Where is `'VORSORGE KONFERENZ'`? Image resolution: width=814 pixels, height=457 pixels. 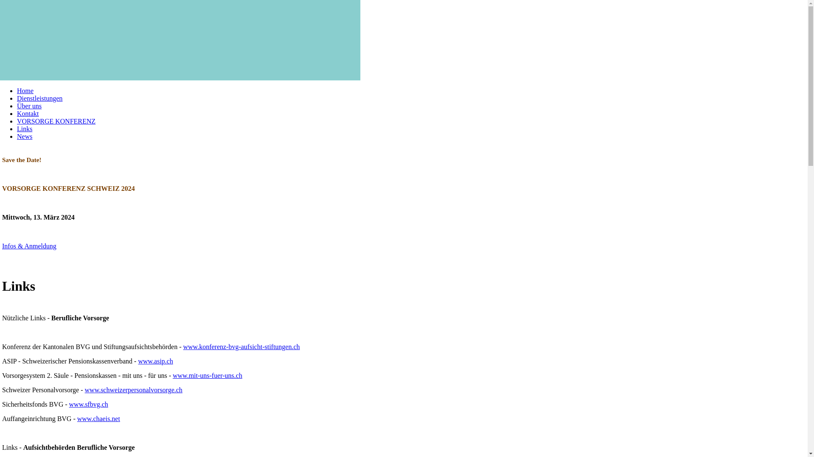 'VORSORGE KONFERENZ' is located at coordinates (56, 121).